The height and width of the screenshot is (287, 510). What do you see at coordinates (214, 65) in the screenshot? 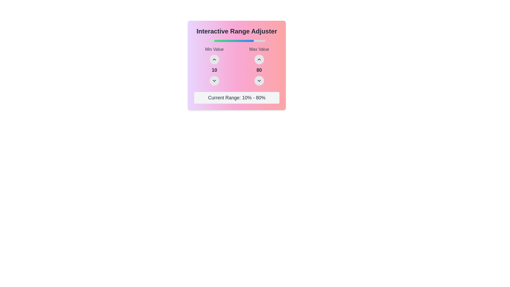
I see `the up arrow button of the 'Interactive Range Adjuster' component to increase the numeric value` at bounding box center [214, 65].